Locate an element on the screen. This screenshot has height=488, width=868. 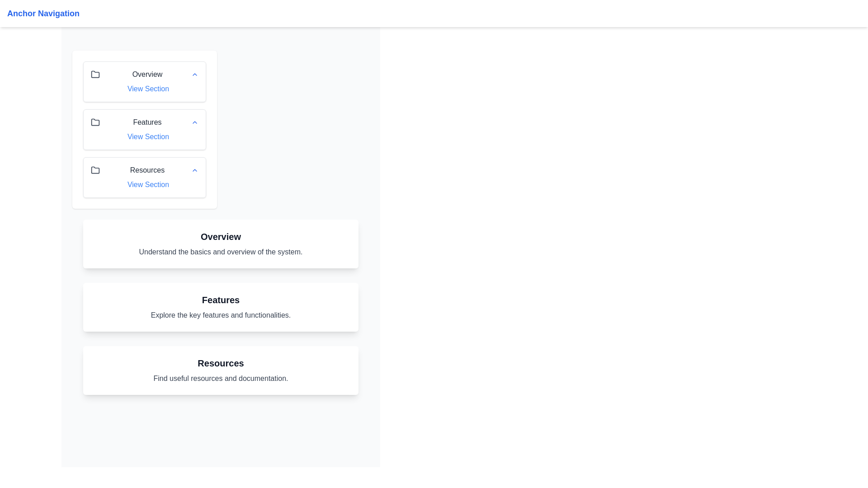
the informational block with a white background and rounded edges that contains the heading 'Resources' and subtitle 'Find useful resources and documentation.' is located at coordinates (221, 371).